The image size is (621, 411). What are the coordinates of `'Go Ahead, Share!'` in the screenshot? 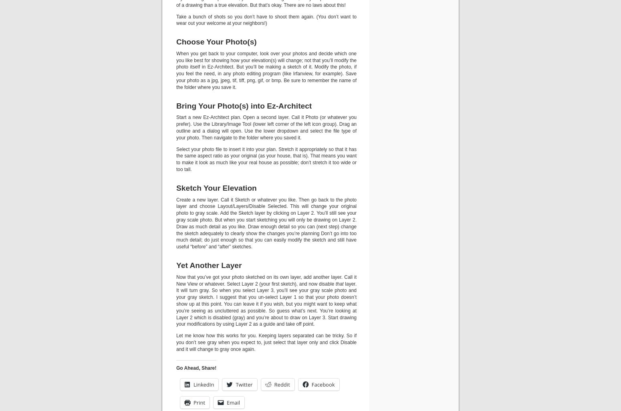 It's located at (196, 367).